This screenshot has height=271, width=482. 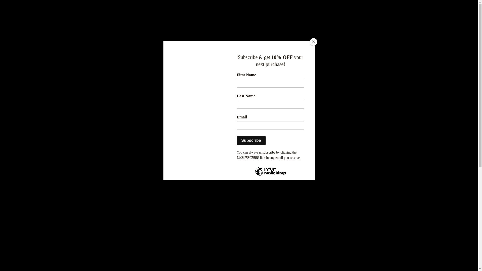 I want to click on 'Add to Cart', so click(x=295, y=170).